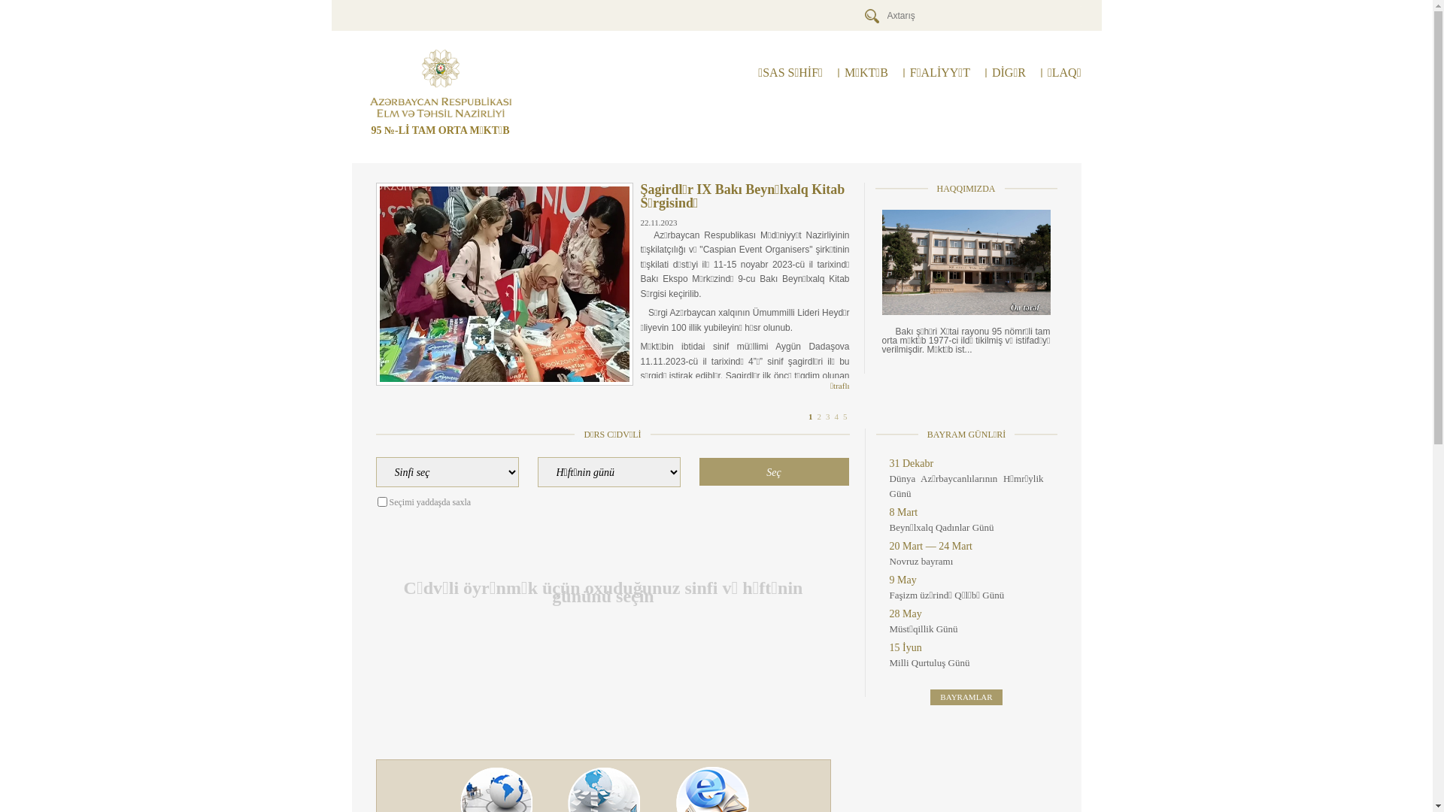 This screenshot has height=812, width=1444. What do you see at coordinates (818, 417) in the screenshot?
I see `'2'` at bounding box center [818, 417].